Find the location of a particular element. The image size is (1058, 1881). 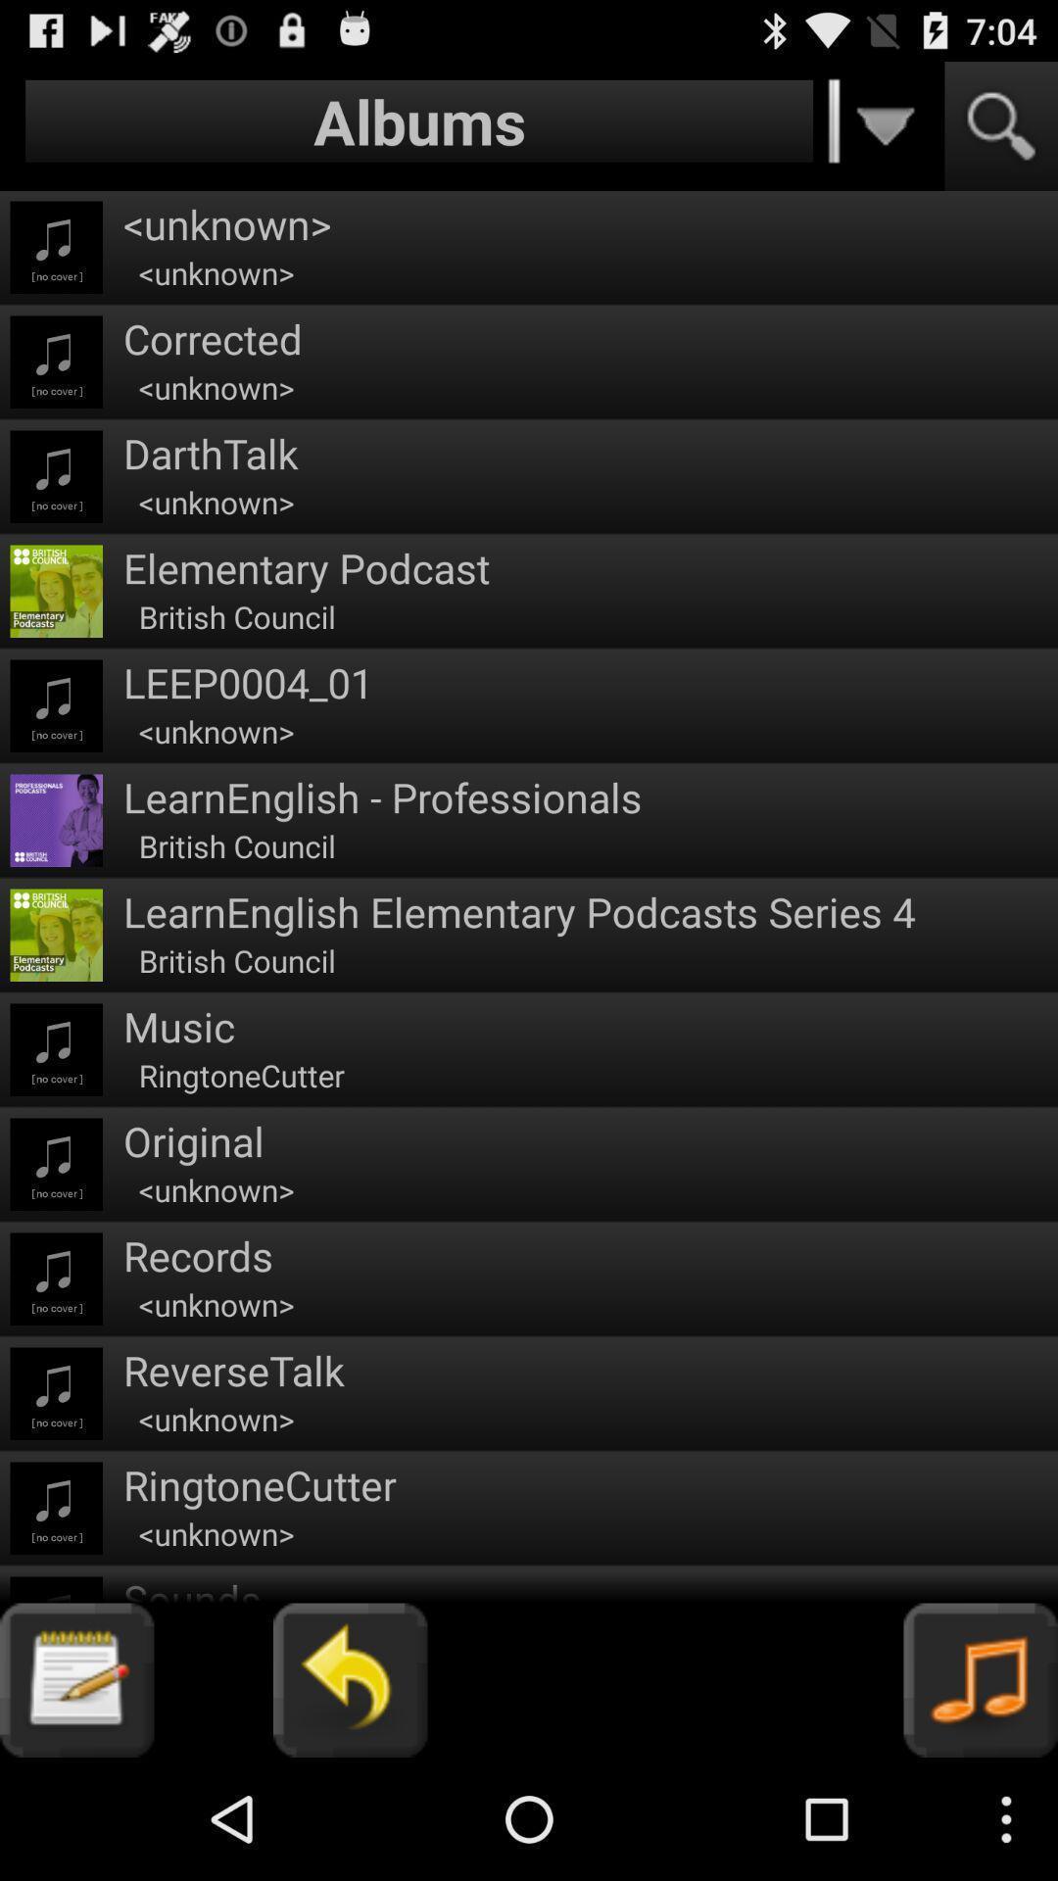

third music icon from bottom is located at coordinates (55, 1278).